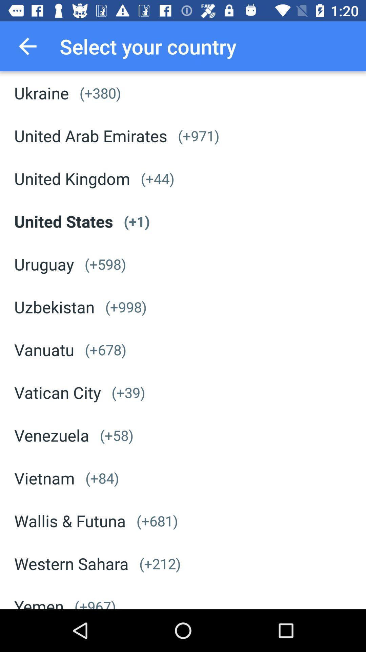 The width and height of the screenshot is (366, 652). What do you see at coordinates (116, 435) in the screenshot?
I see `the icon next to the venezuela icon` at bounding box center [116, 435].